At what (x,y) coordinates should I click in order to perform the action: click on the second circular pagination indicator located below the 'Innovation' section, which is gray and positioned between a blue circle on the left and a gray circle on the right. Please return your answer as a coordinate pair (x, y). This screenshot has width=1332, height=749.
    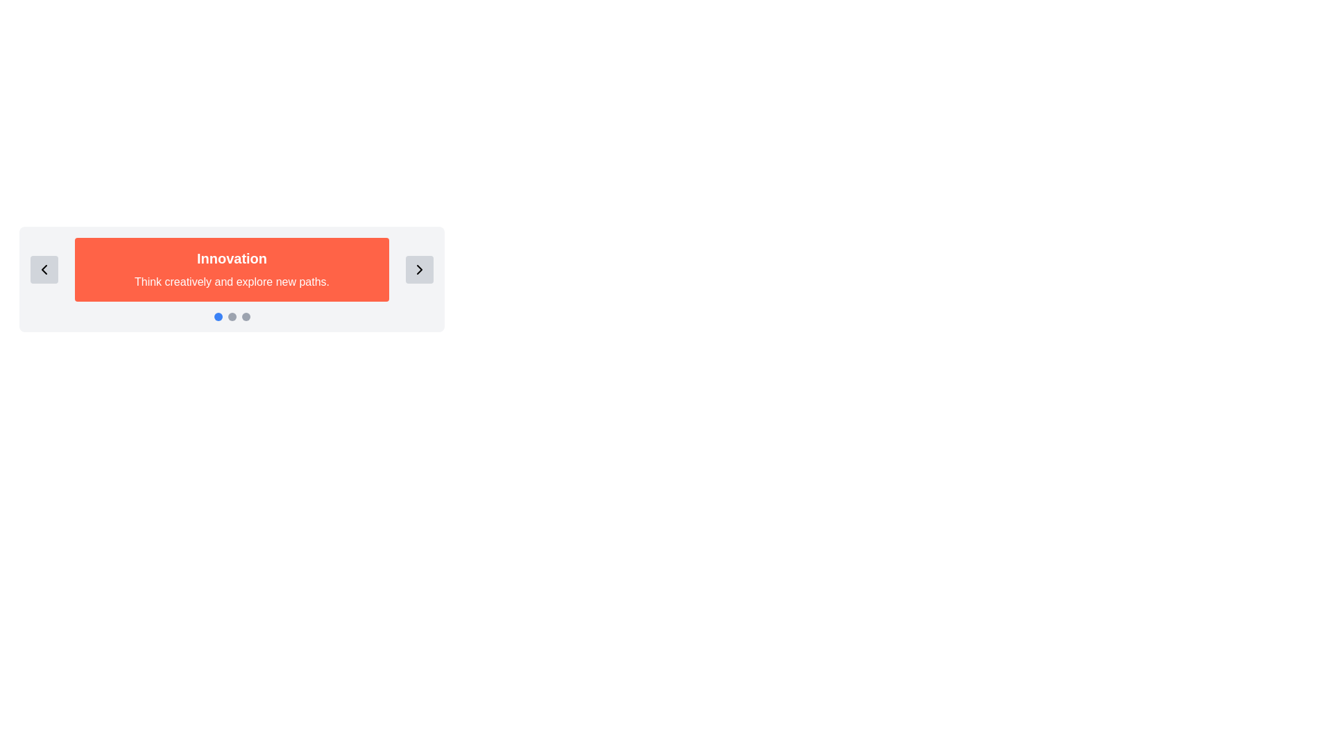
    Looking at the image, I should click on (232, 316).